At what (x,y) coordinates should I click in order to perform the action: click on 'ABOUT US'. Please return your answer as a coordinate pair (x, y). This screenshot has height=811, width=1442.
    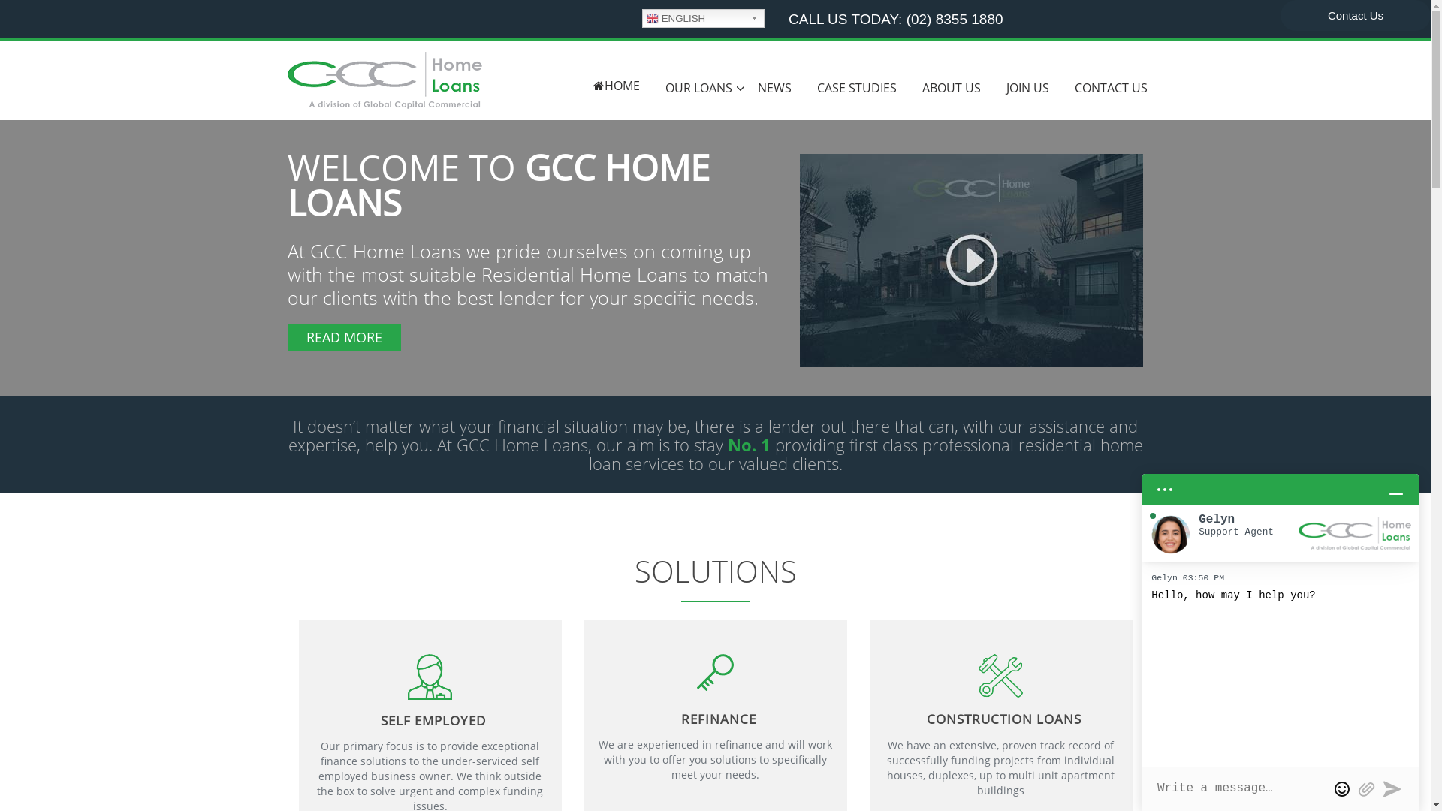
    Looking at the image, I should click on (950, 88).